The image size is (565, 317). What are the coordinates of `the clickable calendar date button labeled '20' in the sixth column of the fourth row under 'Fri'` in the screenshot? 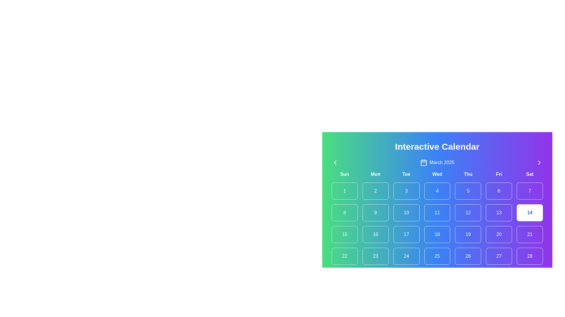 It's located at (498, 234).